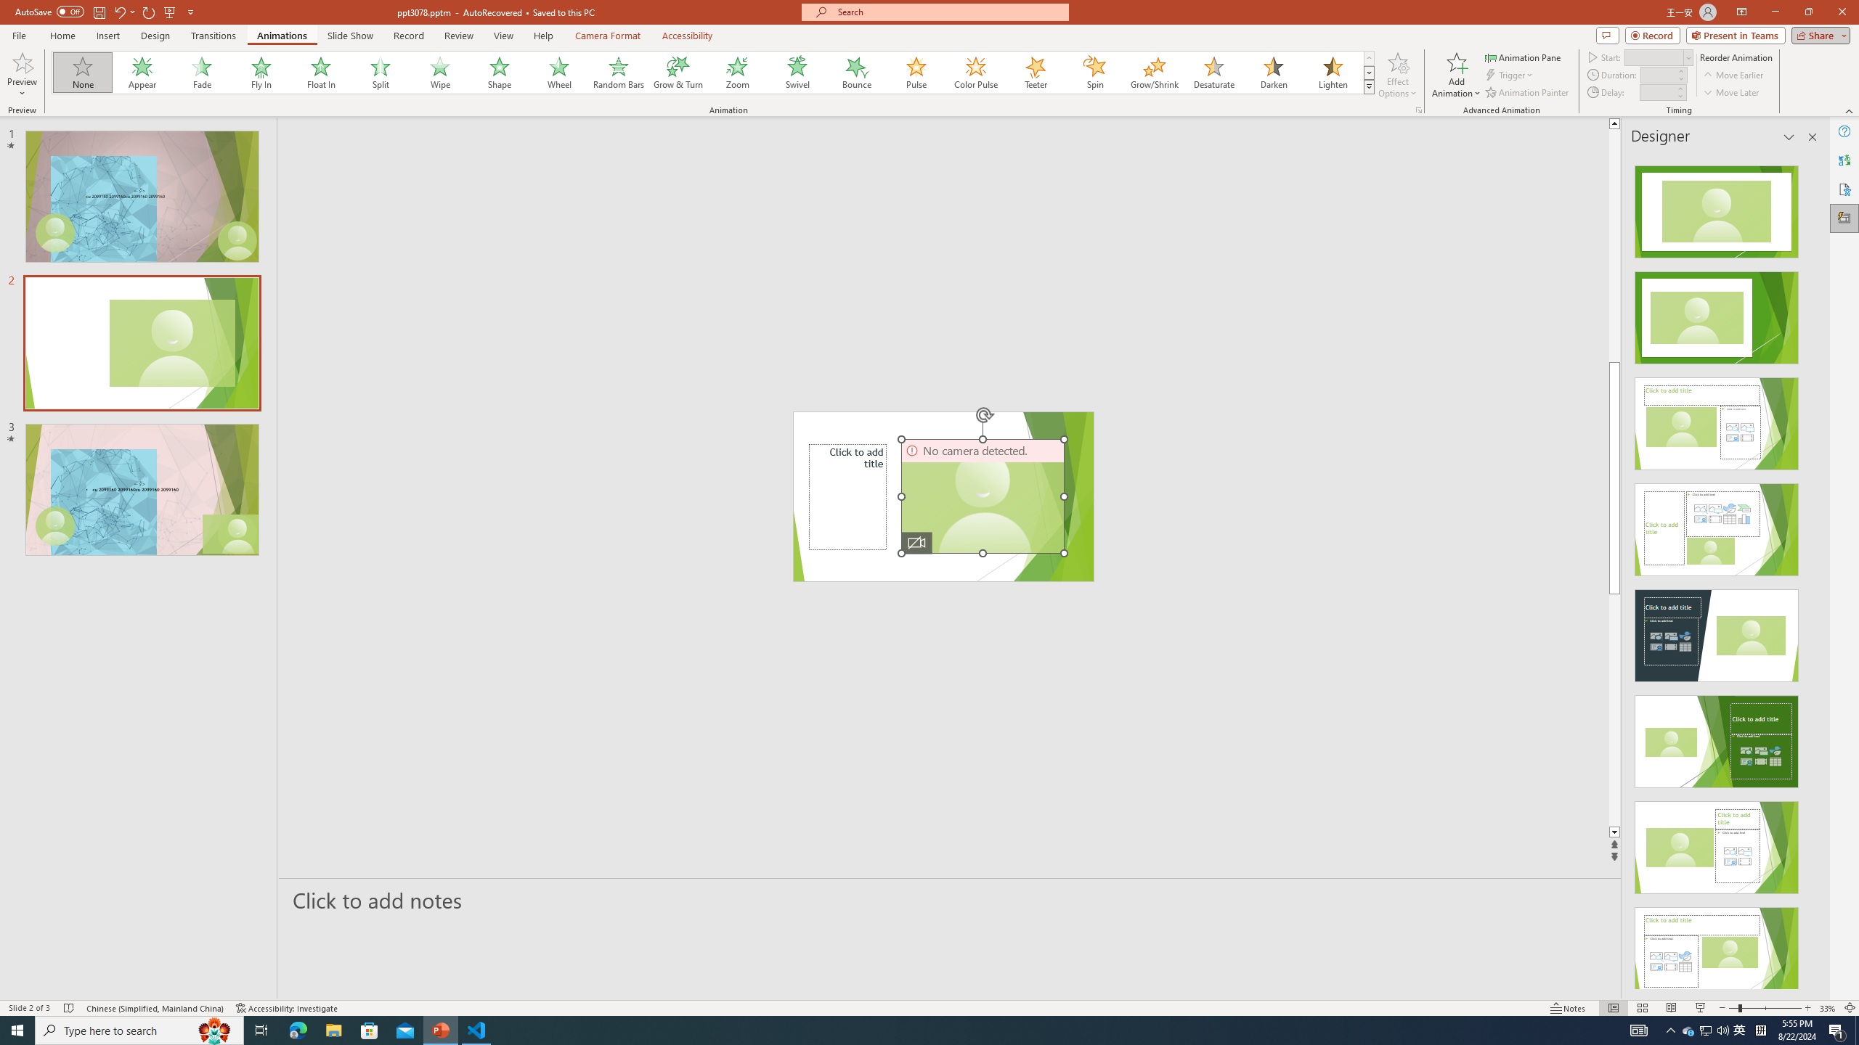 This screenshot has height=1045, width=1859. What do you see at coordinates (1657, 74) in the screenshot?
I see `'Animation Duration'` at bounding box center [1657, 74].